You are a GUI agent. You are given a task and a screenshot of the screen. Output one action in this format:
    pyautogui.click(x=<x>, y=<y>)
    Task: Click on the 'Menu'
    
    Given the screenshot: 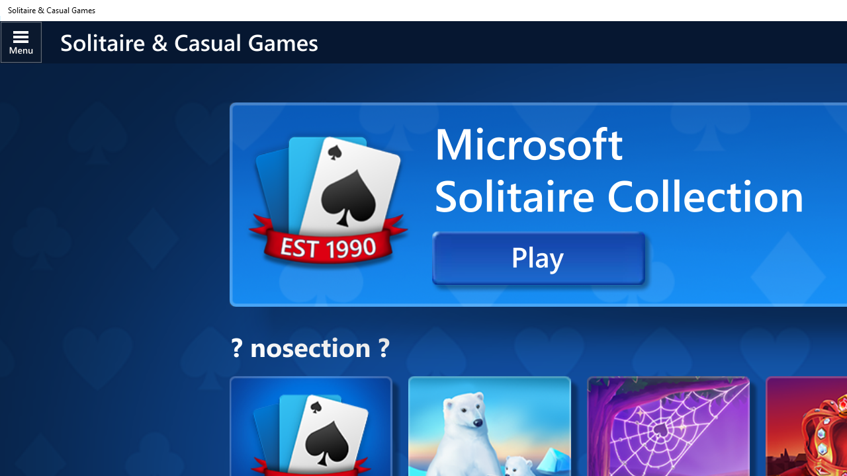 What is the action you would take?
    pyautogui.click(x=21, y=41)
    